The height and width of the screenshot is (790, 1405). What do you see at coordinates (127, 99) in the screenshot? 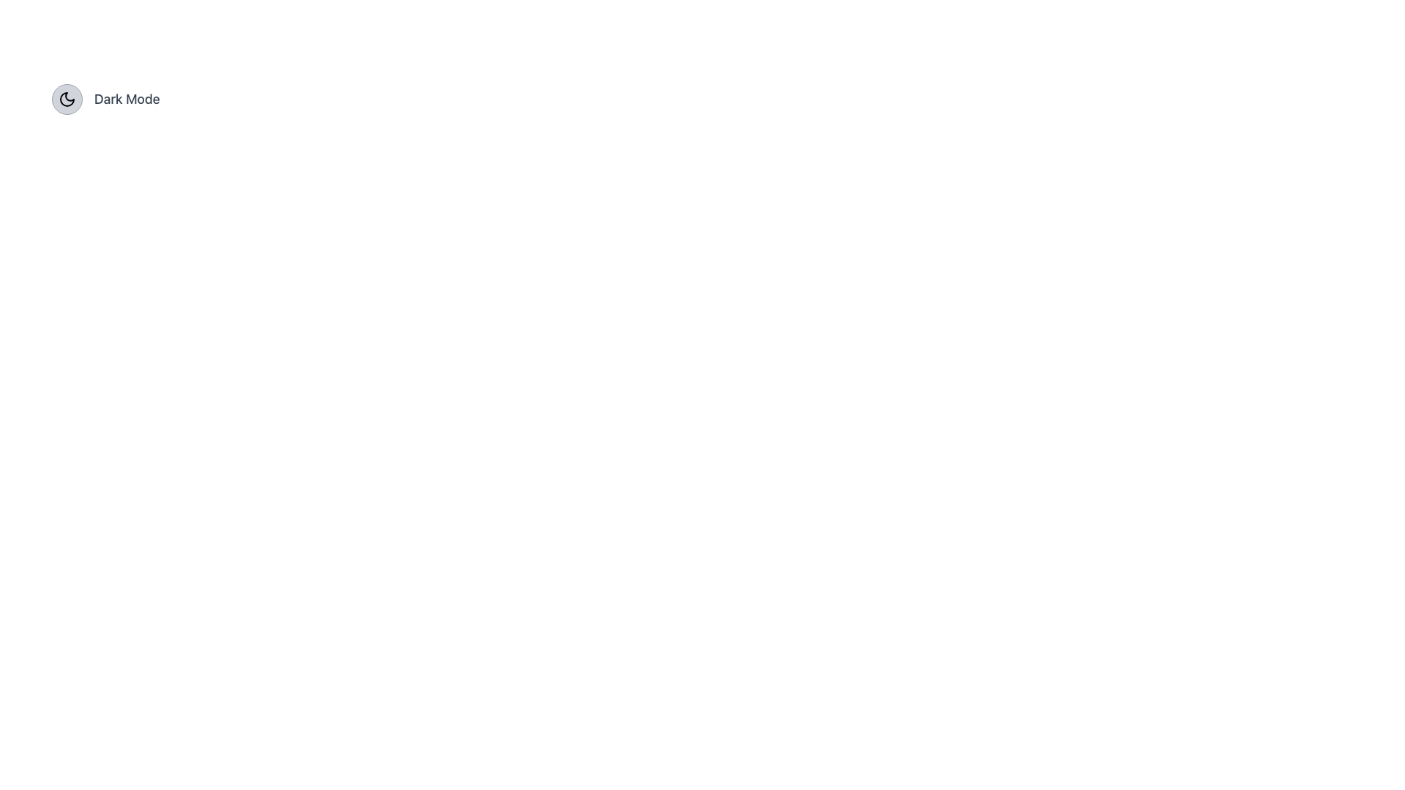
I see `the Text Label indicating the purpose of the nearby dark mode toggle, which is positioned to the right of a moon icon` at bounding box center [127, 99].